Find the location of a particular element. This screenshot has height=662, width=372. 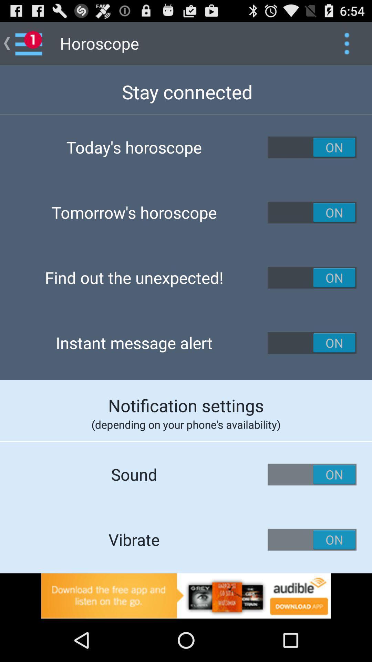

instant message alert is located at coordinates (312, 343).